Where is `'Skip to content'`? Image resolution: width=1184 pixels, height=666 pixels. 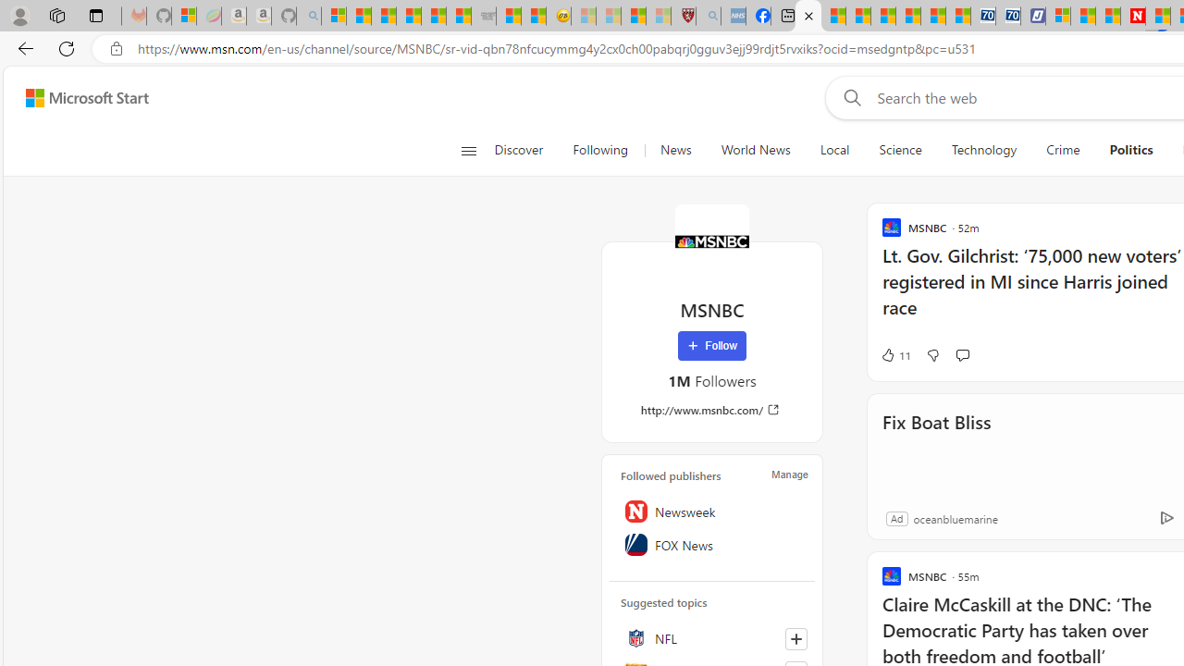 'Skip to content' is located at coordinates (80, 97).